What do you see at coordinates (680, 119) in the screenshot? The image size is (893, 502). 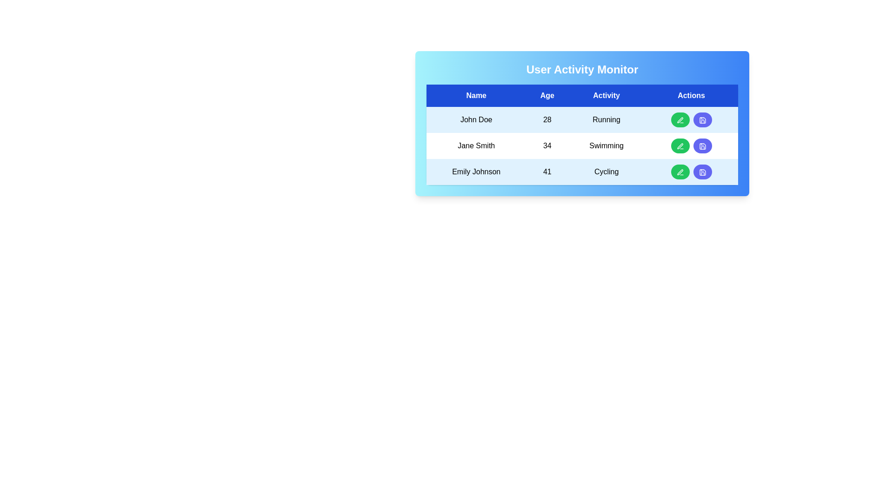 I see `the edit button for the John Doe row` at bounding box center [680, 119].